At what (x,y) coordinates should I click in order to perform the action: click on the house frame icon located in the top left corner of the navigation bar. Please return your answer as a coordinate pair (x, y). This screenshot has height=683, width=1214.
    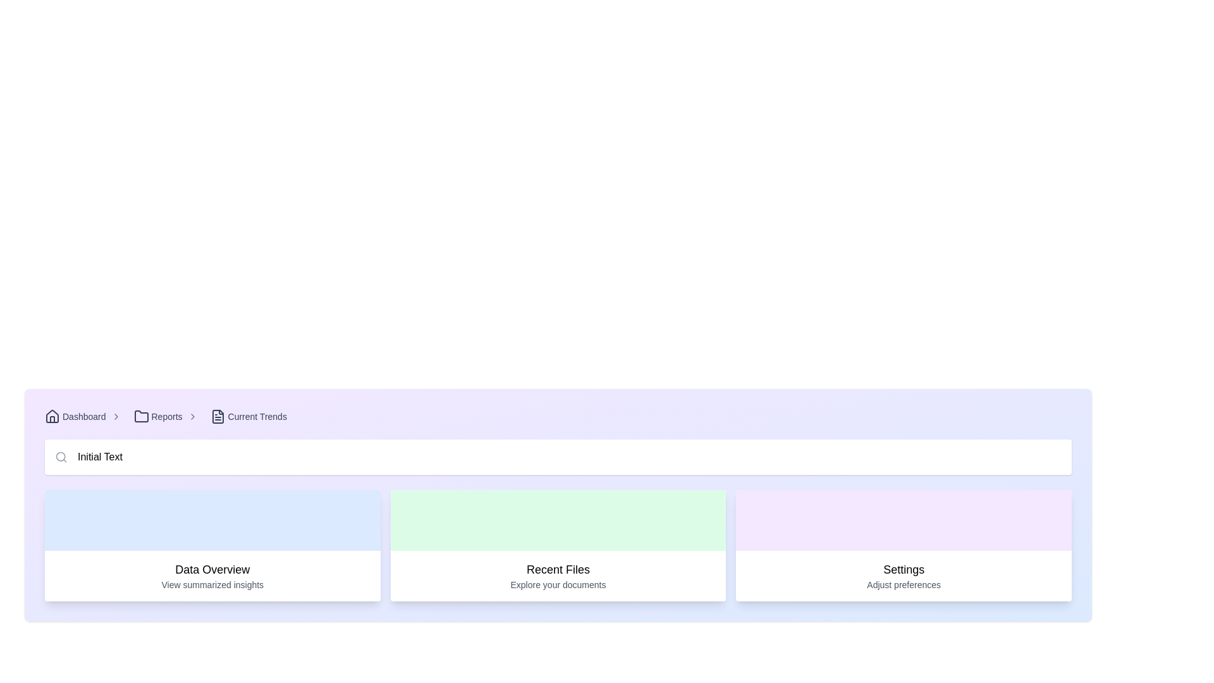
    Looking at the image, I should click on (51, 416).